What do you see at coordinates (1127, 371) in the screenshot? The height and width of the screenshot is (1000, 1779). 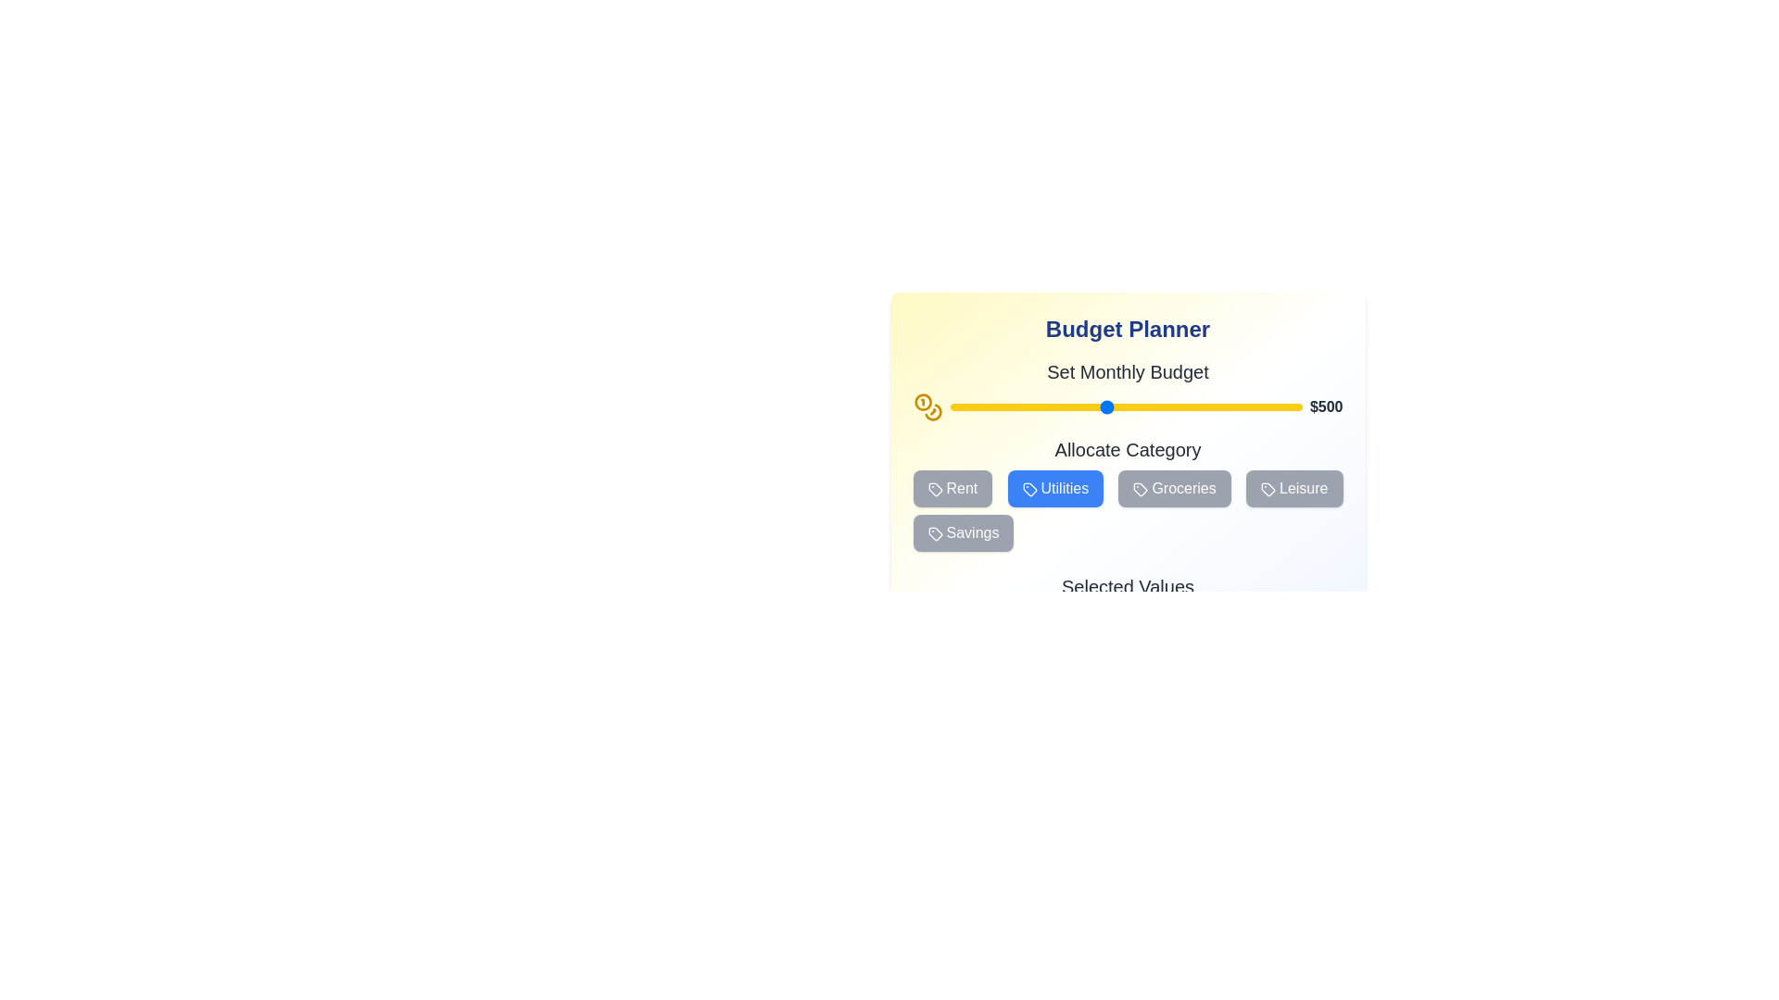 I see `the Text label that indicates the purpose of the budget slider, which is centrally aligned within the 'Budget Planner' section and positioned above the '$500' value text and the yellow slider` at bounding box center [1127, 371].